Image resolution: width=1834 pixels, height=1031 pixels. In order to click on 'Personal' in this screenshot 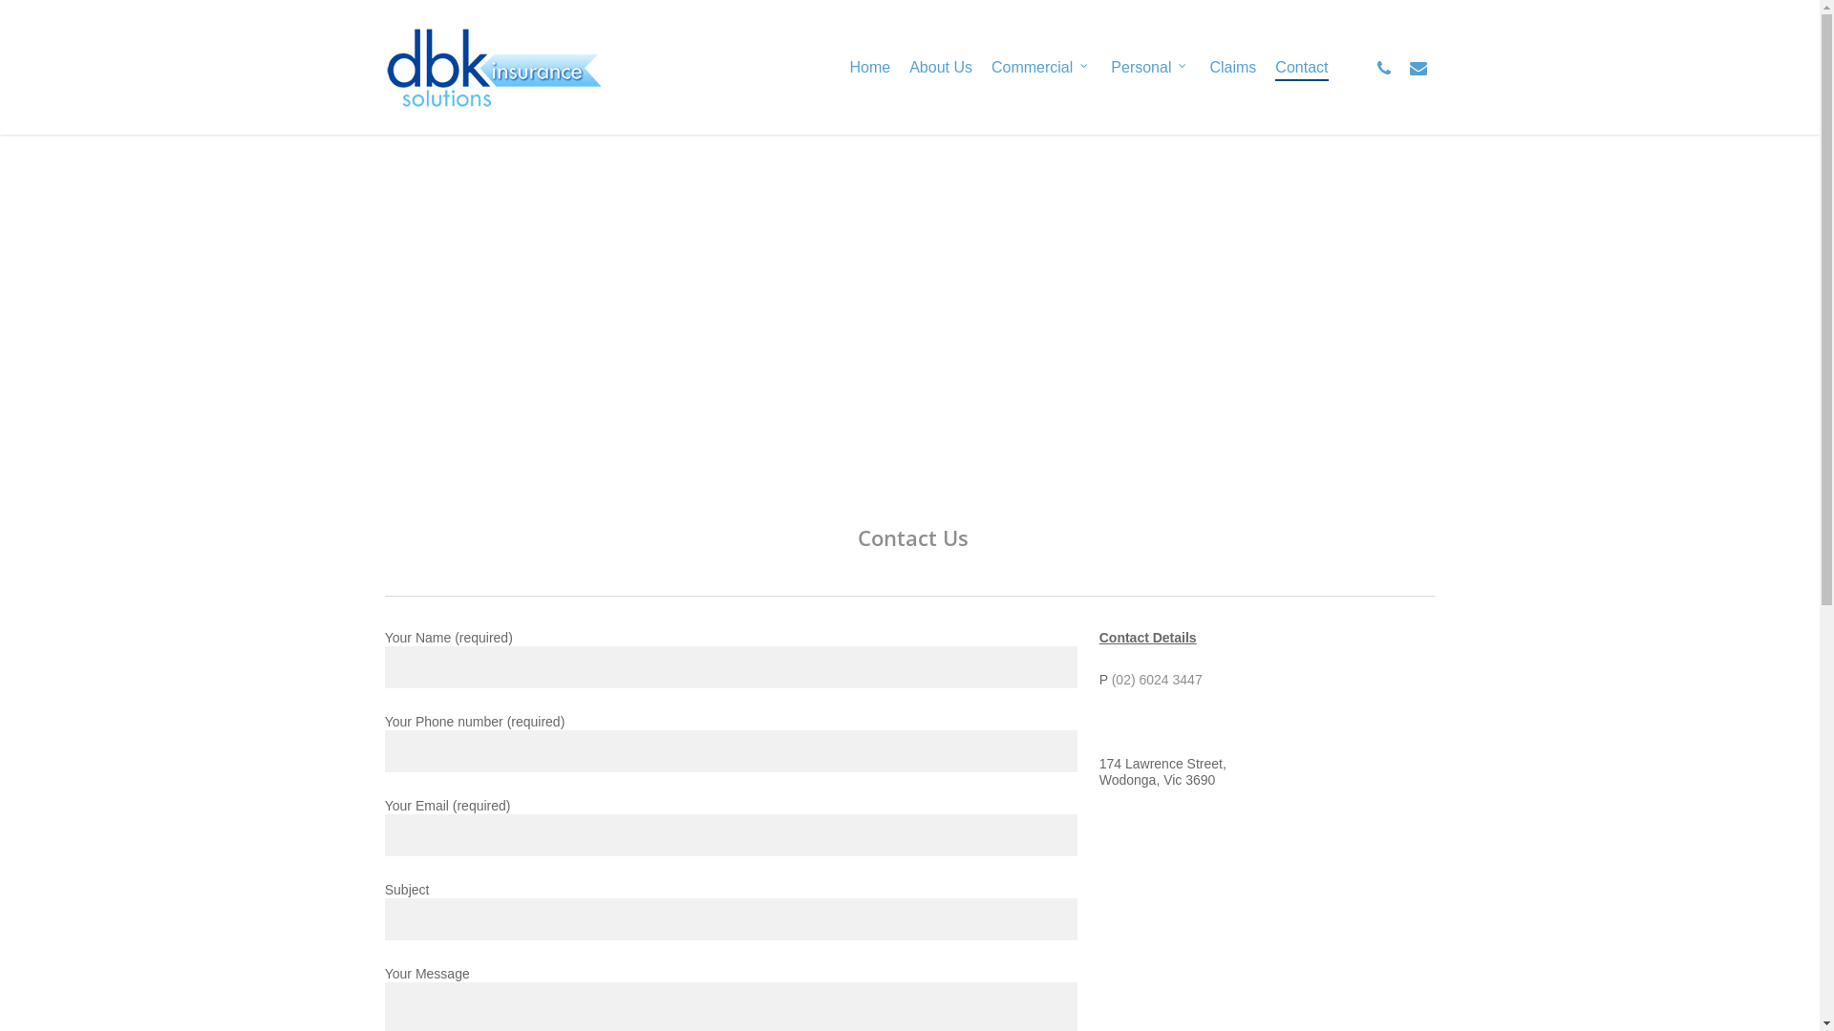, I will do `click(1149, 65)`.